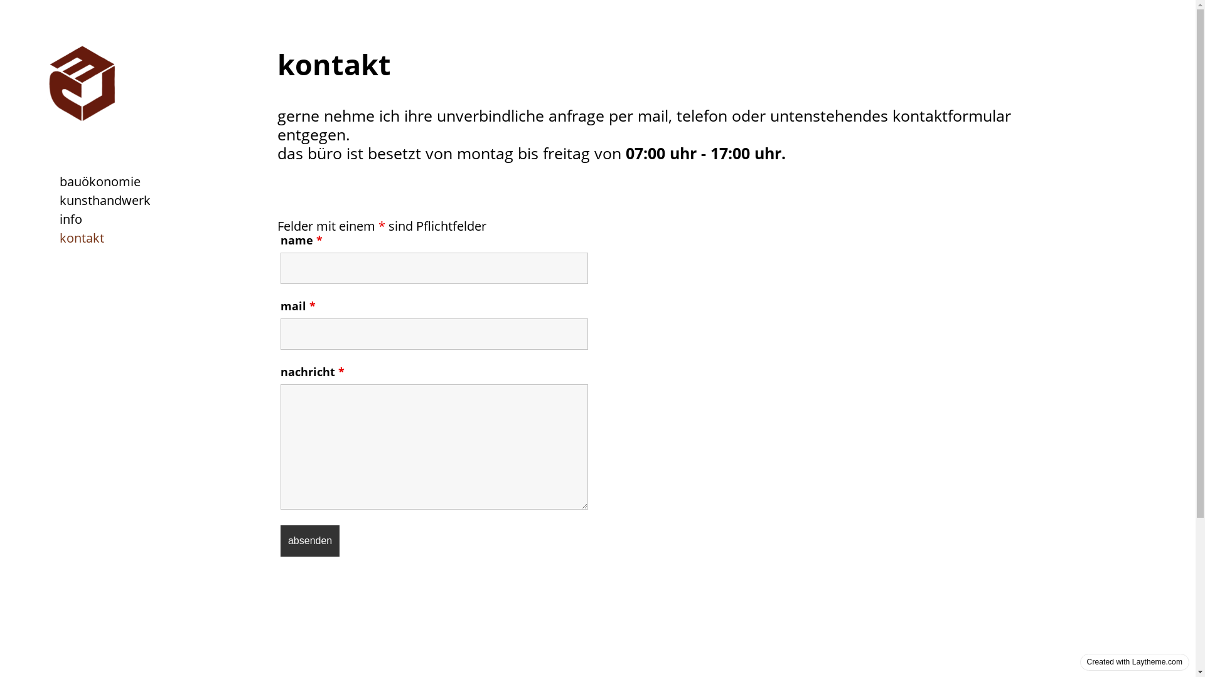 Image resolution: width=1205 pixels, height=677 pixels. What do you see at coordinates (70, 218) in the screenshot?
I see `'info'` at bounding box center [70, 218].